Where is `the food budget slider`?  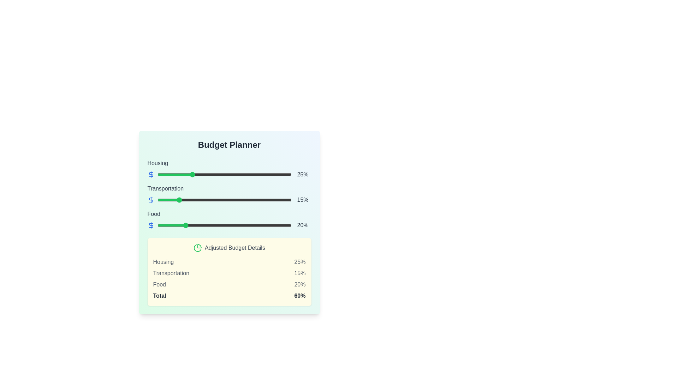
the food budget slider is located at coordinates (244, 225).